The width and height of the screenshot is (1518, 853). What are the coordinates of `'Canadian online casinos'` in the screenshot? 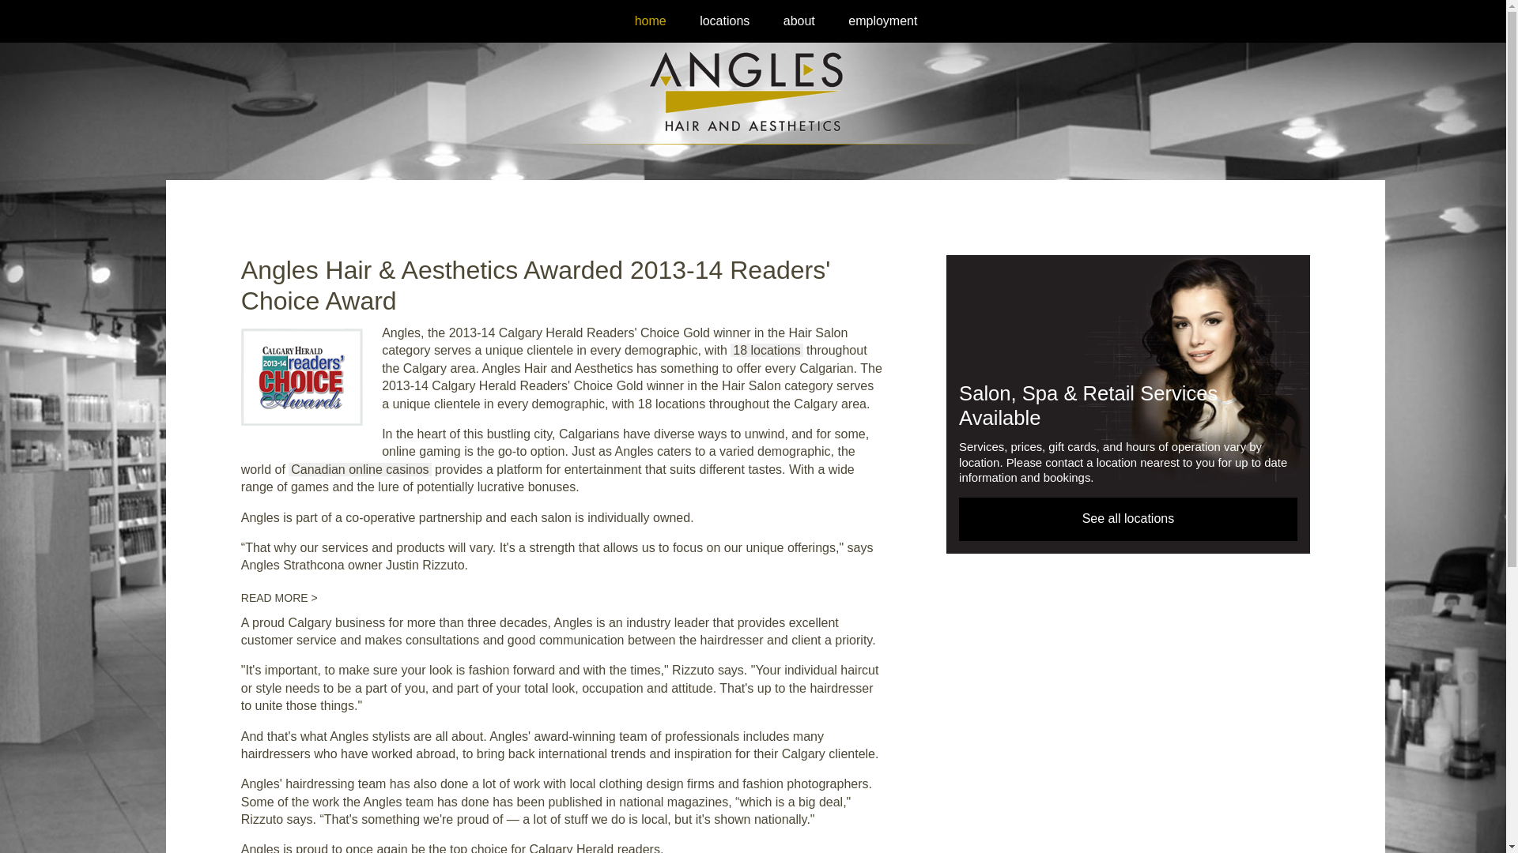 It's located at (359, 468).